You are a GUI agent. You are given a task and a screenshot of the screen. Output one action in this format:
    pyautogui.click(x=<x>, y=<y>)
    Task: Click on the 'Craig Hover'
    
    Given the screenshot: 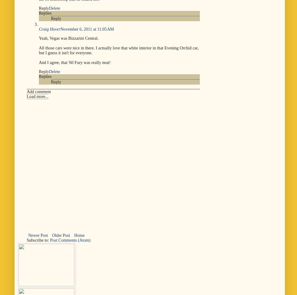 What is the action you would take?
    pyautogui.click(x=50, y=28)
    